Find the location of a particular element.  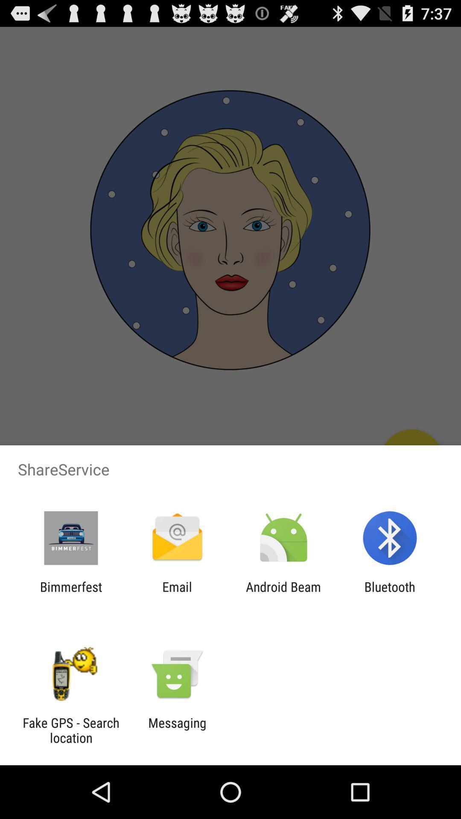

item to the left of bluetooth icon is located at coordinates (283, 594).